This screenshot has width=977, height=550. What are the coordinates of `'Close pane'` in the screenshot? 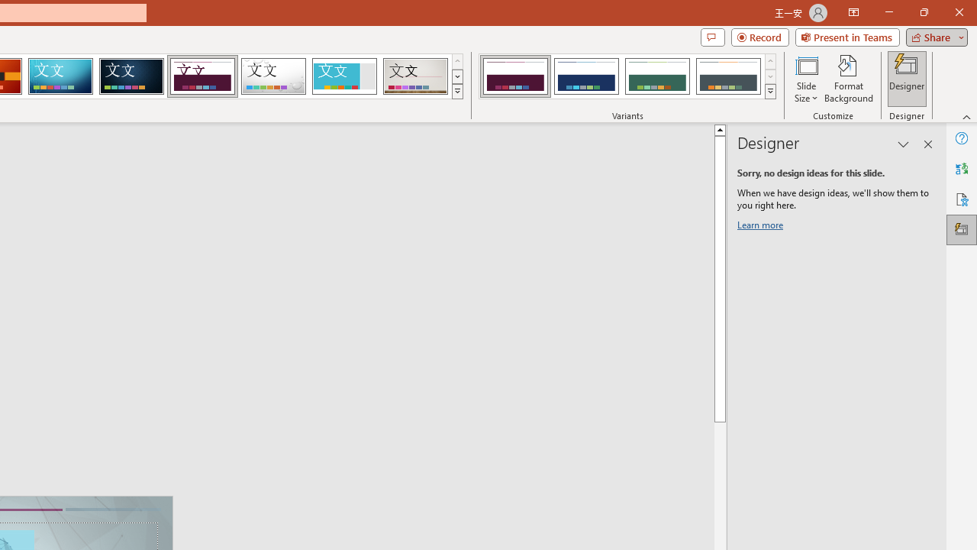 It's located at (927, 144).